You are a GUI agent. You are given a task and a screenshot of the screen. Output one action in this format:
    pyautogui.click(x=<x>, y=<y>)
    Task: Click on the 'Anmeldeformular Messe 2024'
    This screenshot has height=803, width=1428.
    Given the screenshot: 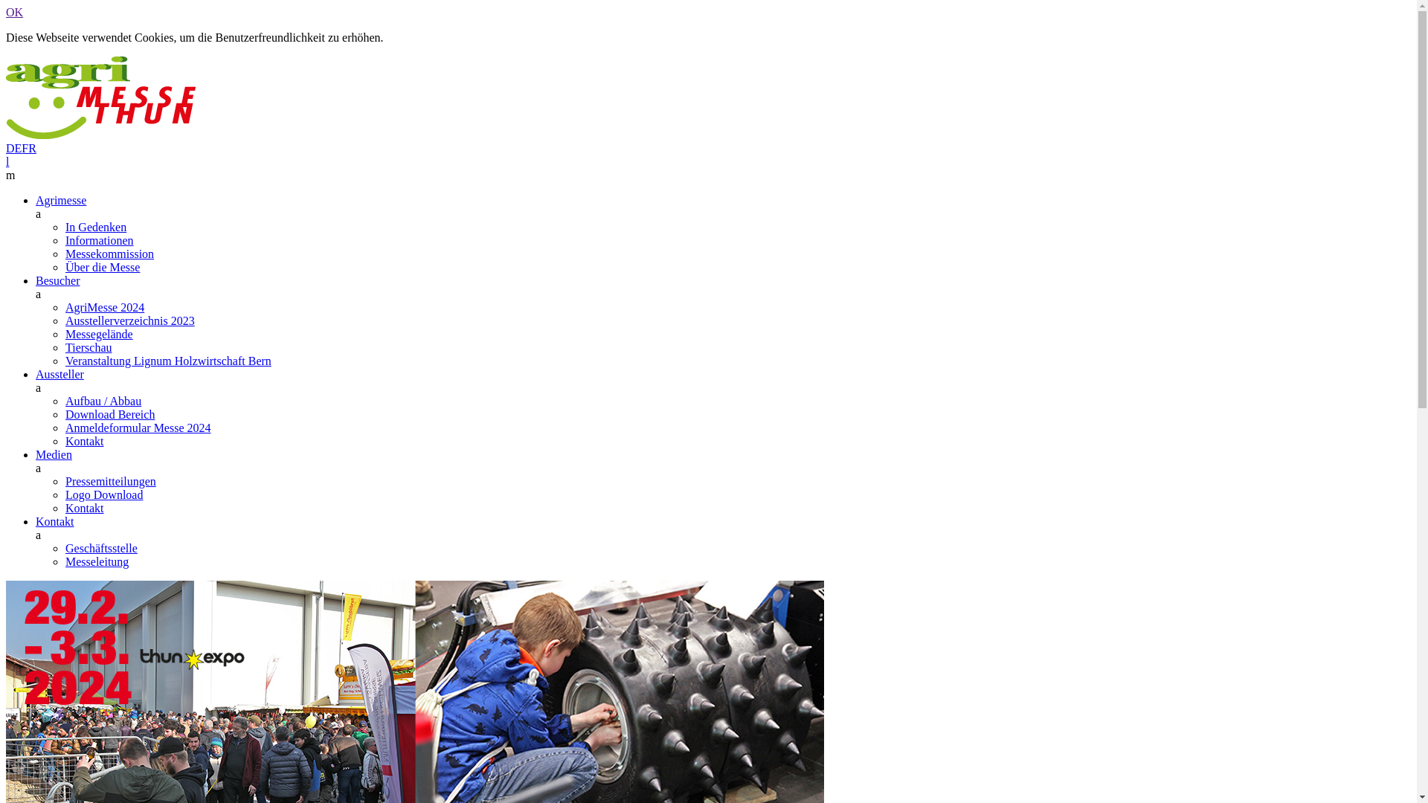 What is the action you would take?
    pyautogui.click(x=138, y=428)
    